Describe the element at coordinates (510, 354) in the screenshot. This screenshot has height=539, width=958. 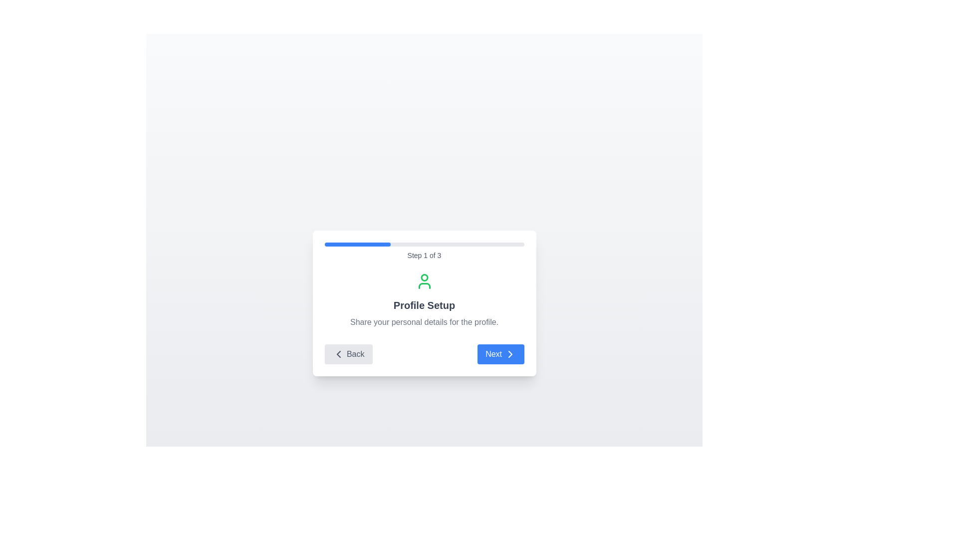
I see `the right-pointing arrow icon located inside the 'Next' button at the bottom-right corner of the content card` at that location.